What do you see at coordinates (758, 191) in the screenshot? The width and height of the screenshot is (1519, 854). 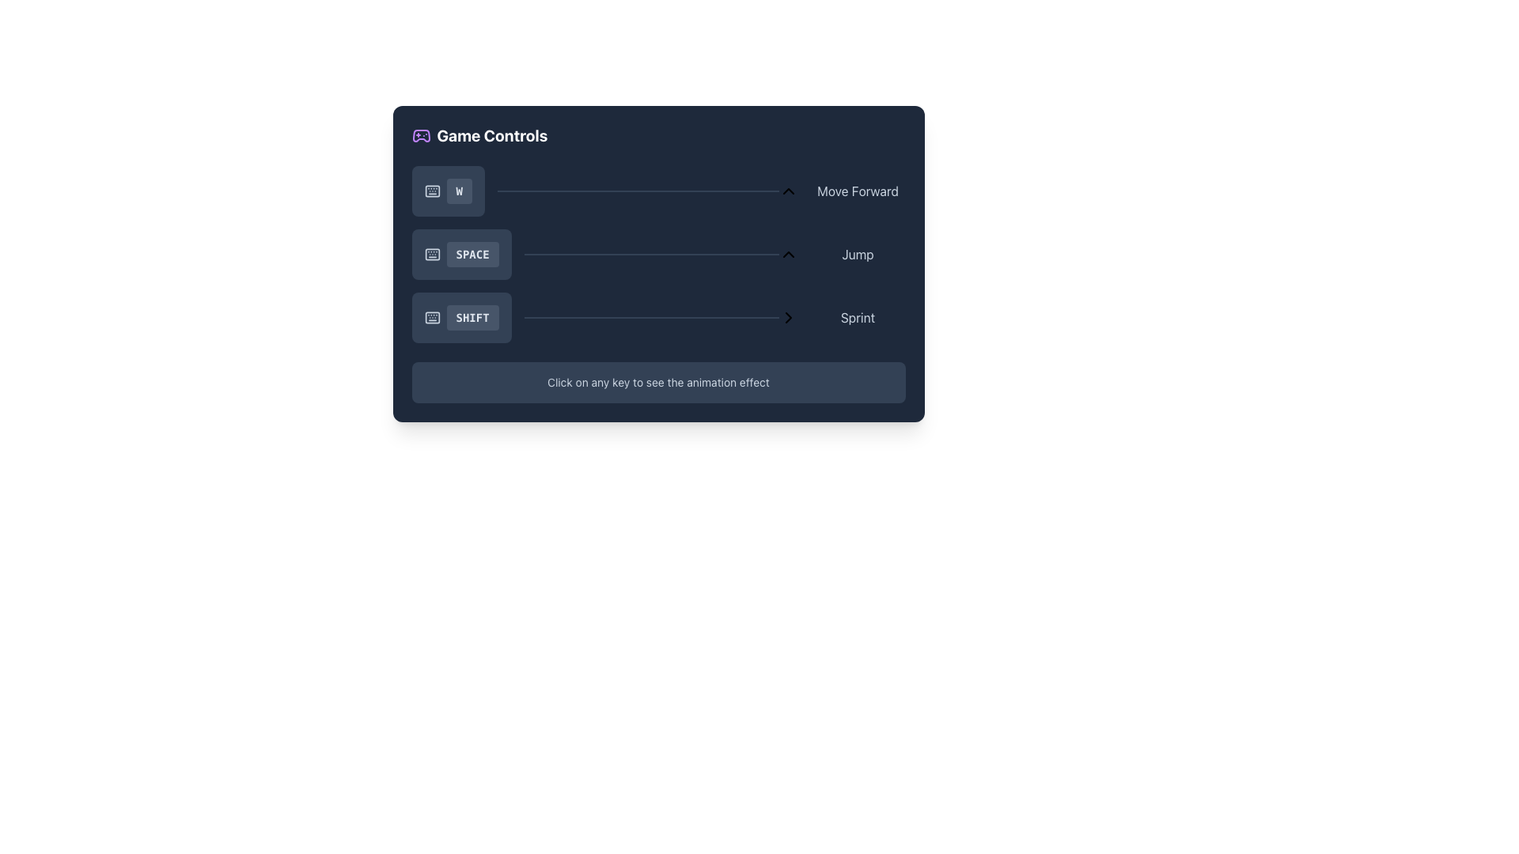 I see `the slider` at bounding box center [758, 191].